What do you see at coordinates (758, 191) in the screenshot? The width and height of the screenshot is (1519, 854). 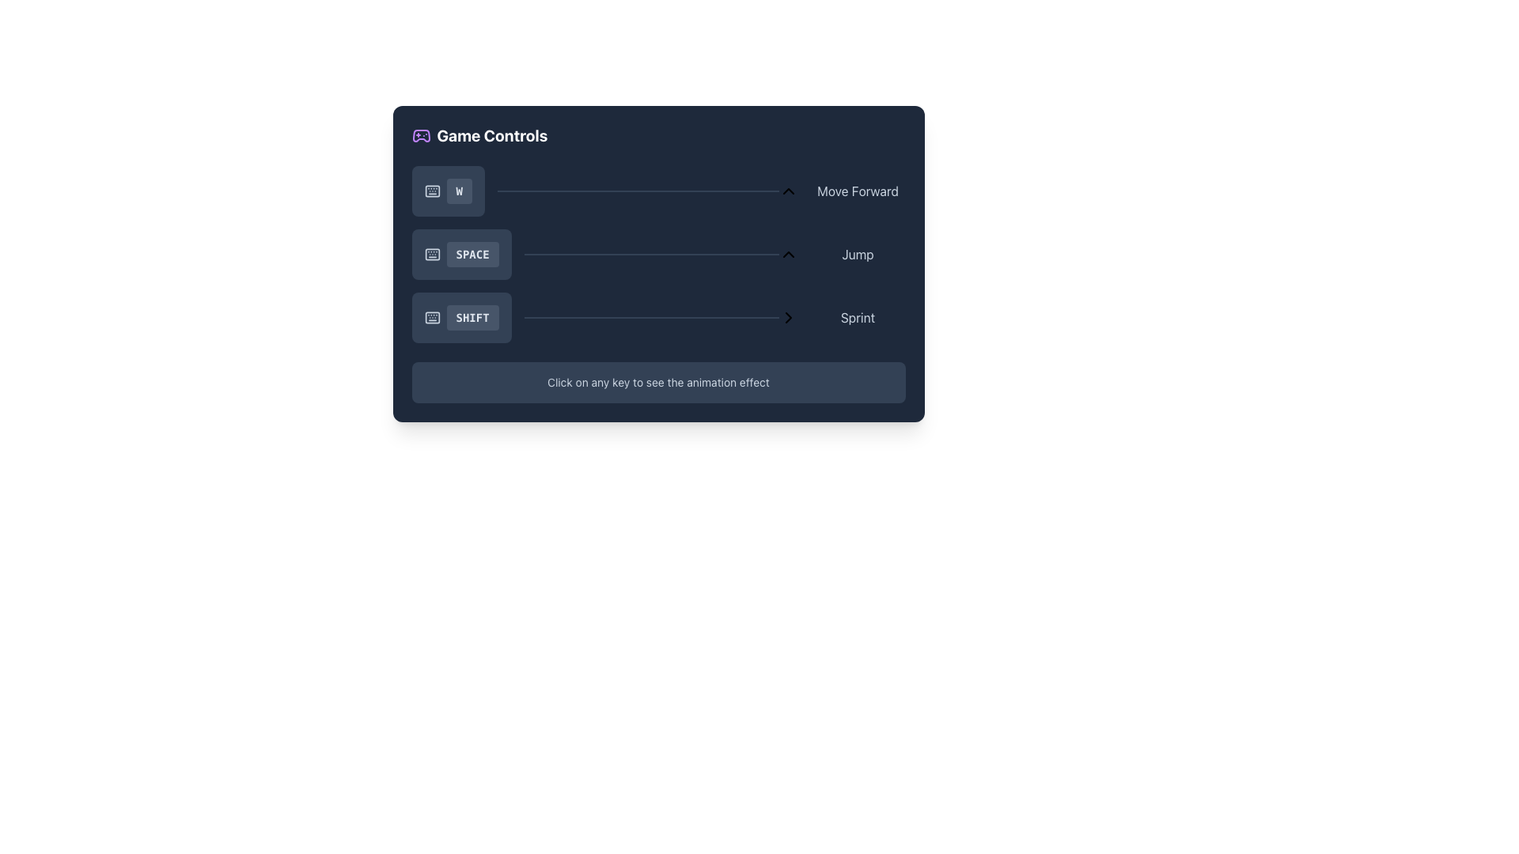 I see `the slider` at bounding box center [758, 191].